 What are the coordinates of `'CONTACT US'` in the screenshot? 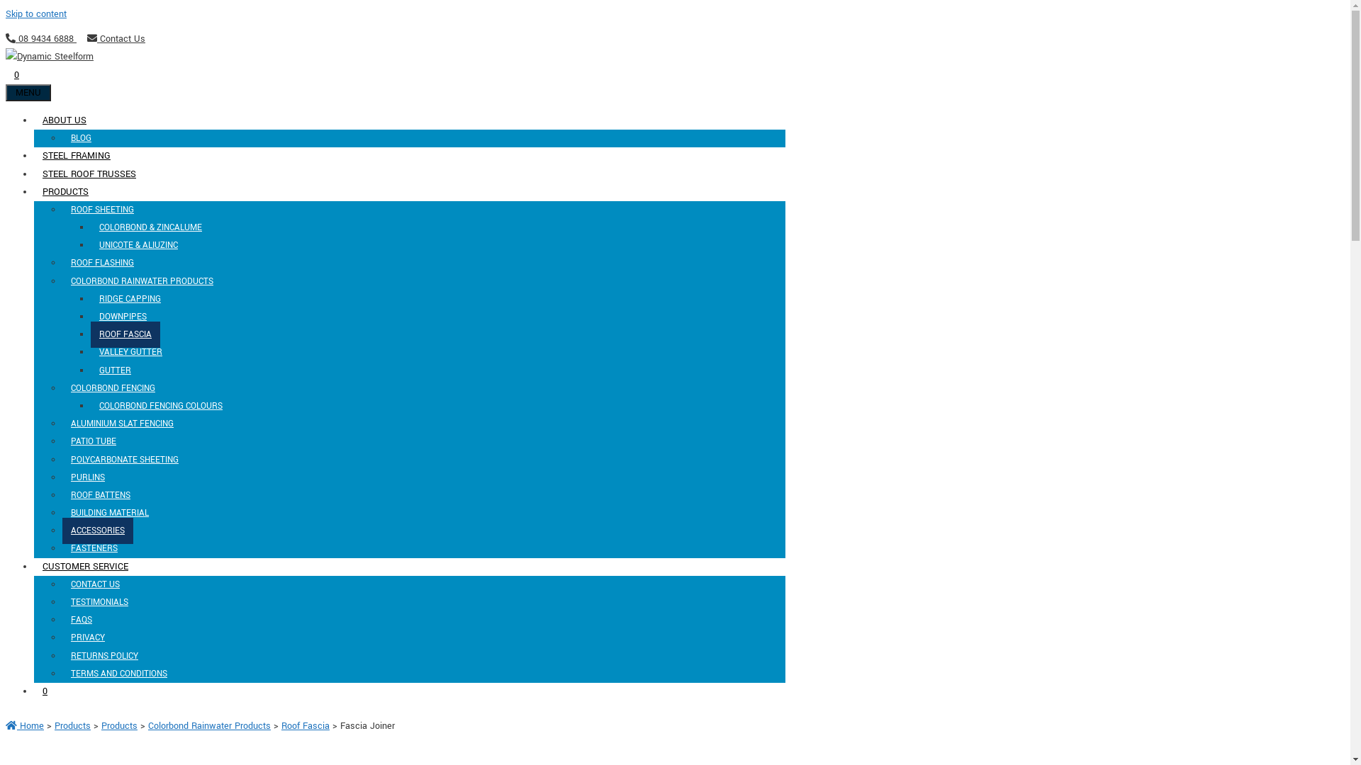 It's located at (94, 584).